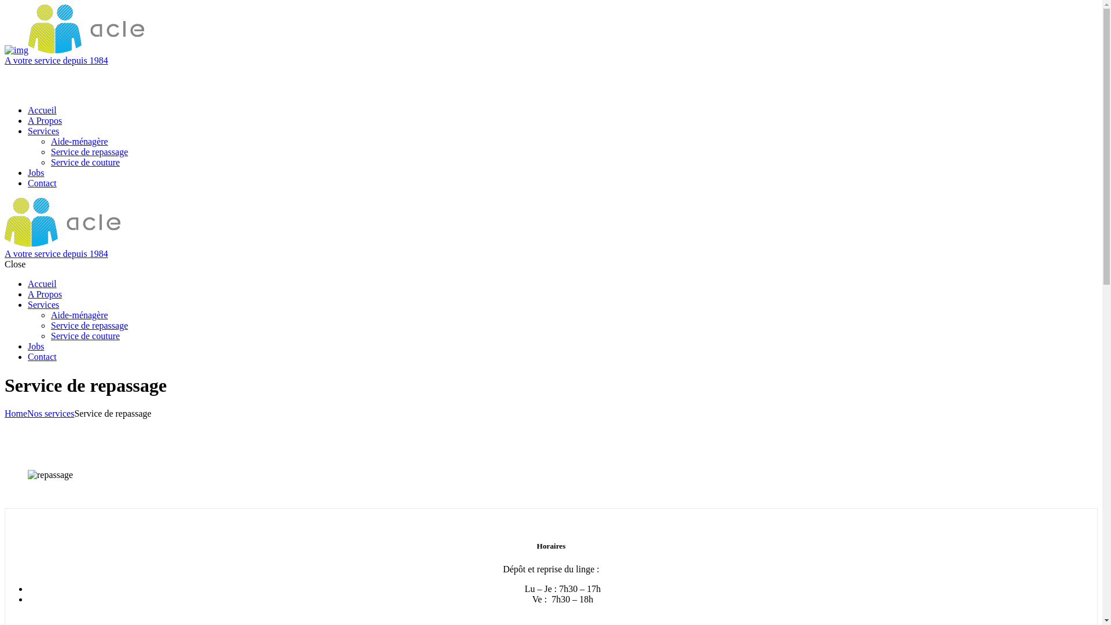  I want to click on 'Contact', so click(42, 182).